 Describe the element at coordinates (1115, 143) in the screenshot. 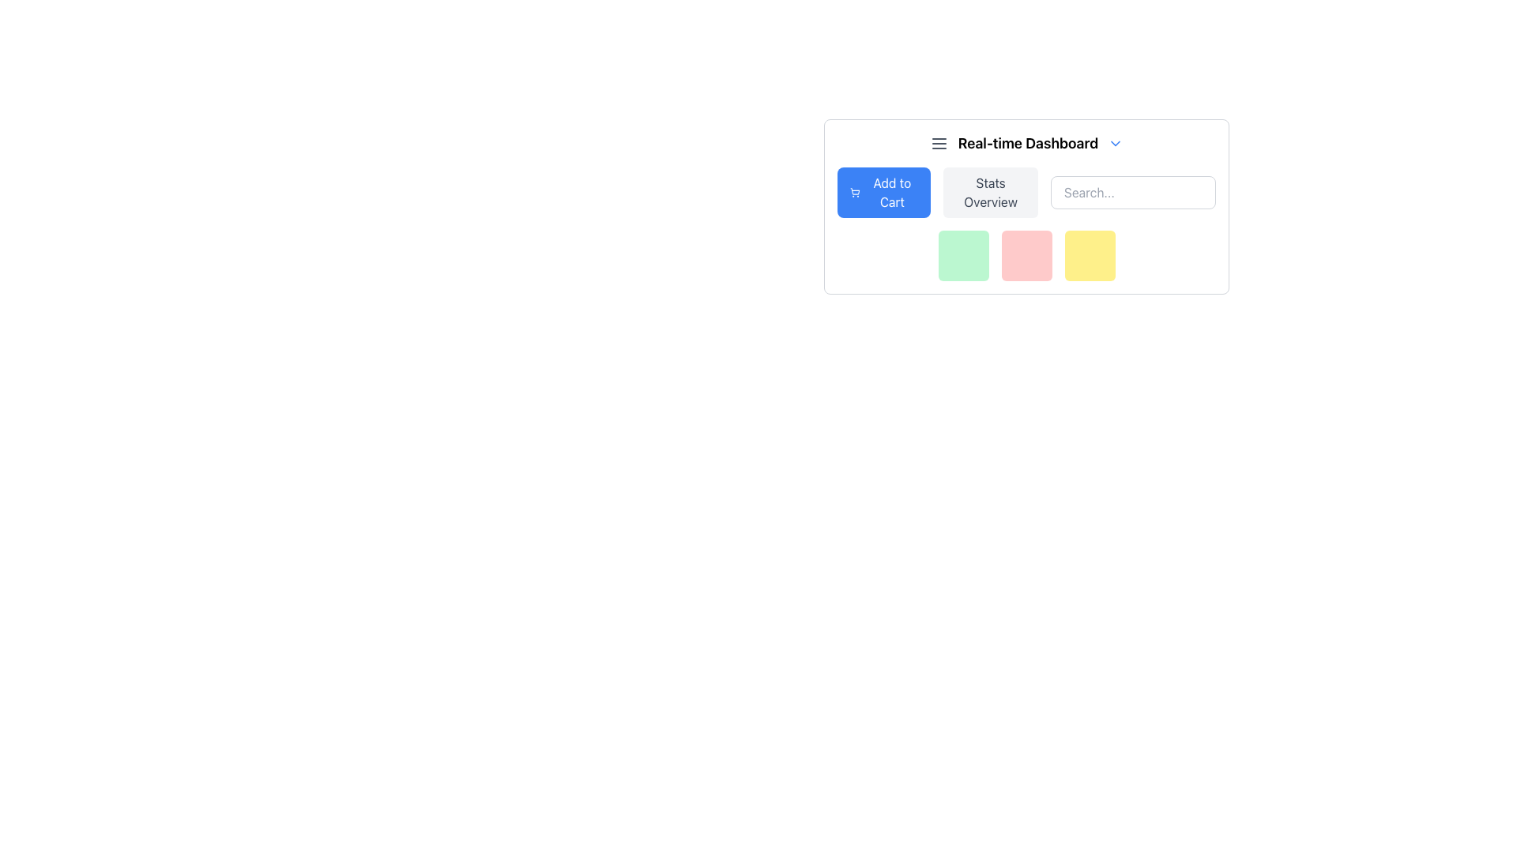

I see `the icon located to the right of the bold text labeled 'Real-time Dashboard'` at that location.